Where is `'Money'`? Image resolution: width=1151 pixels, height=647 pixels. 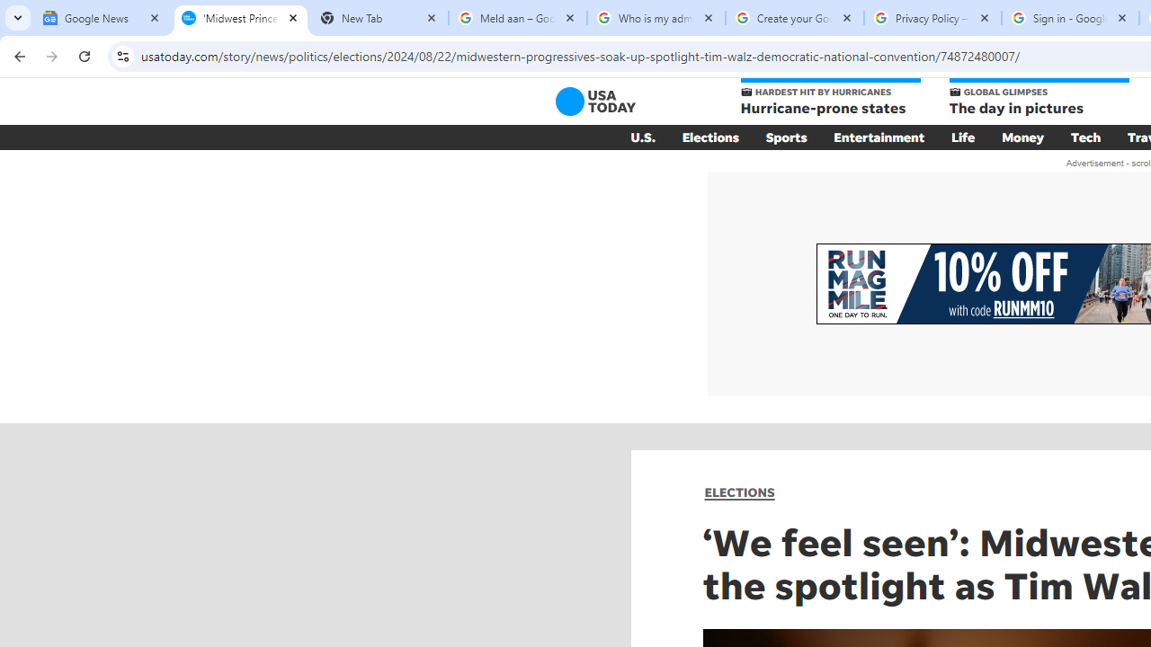
'Money' is located at coordinates (1022, 137).